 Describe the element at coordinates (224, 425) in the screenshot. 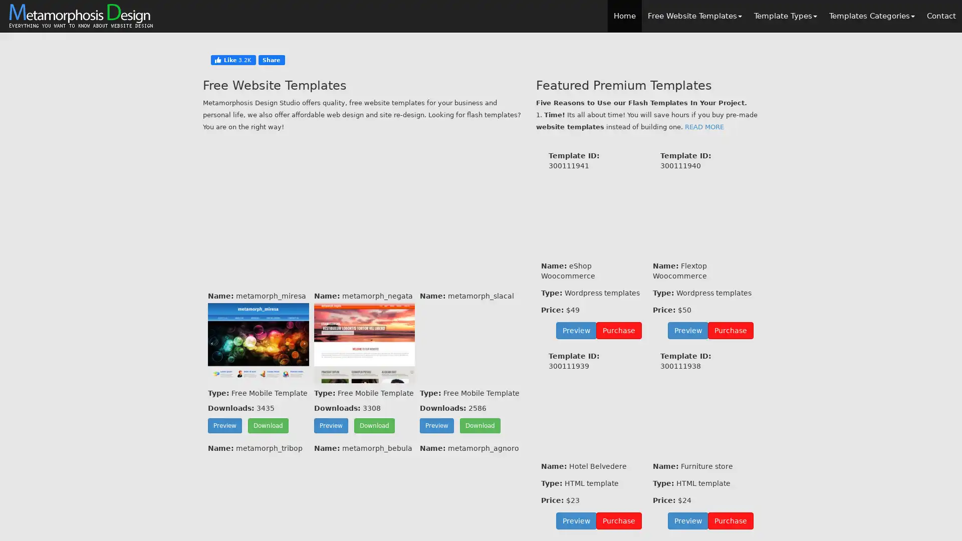

I see `Preview` at that location.